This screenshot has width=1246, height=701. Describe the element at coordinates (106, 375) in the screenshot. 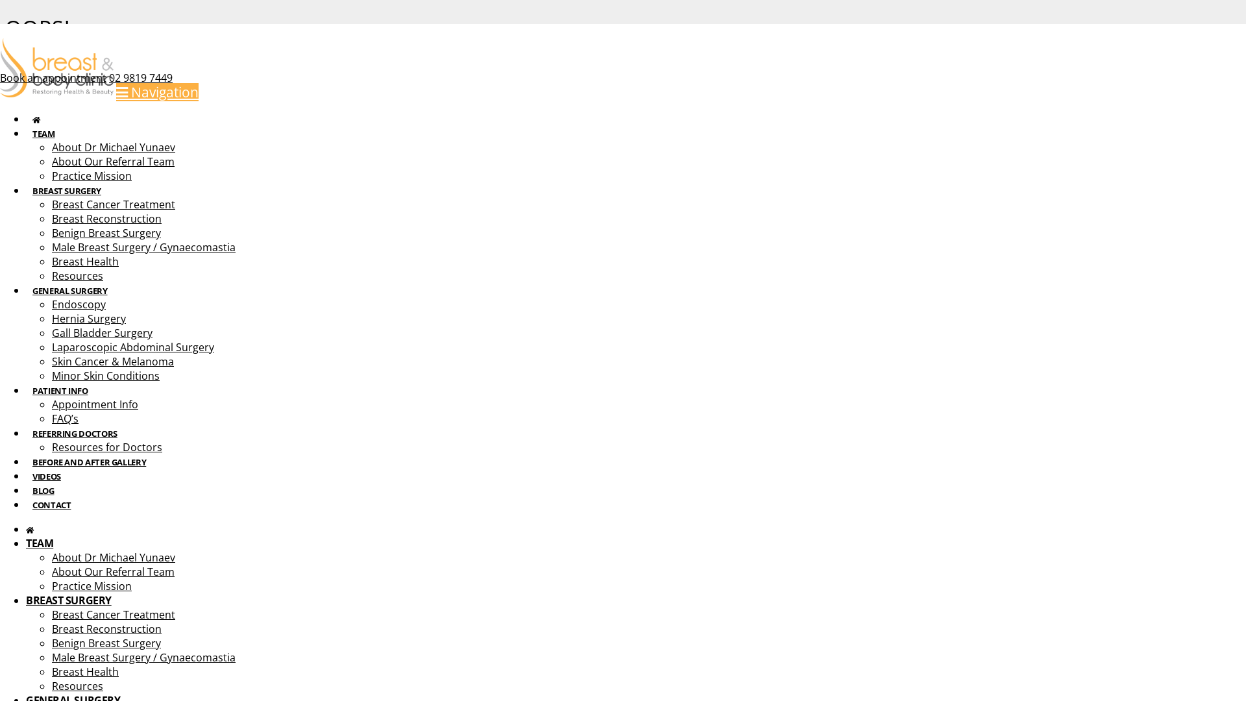

I see `'Minor Skin Conditions'` at that location.